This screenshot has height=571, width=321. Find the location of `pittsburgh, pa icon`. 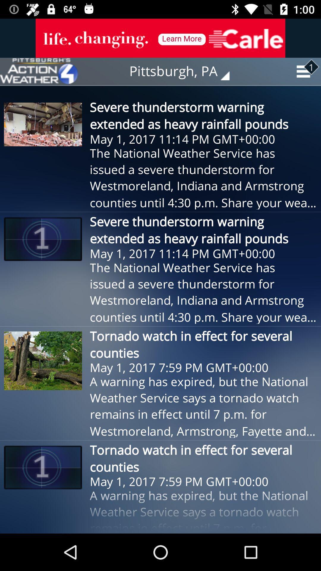

pittsburgh, pa icon is located at coordinates (183, 71).